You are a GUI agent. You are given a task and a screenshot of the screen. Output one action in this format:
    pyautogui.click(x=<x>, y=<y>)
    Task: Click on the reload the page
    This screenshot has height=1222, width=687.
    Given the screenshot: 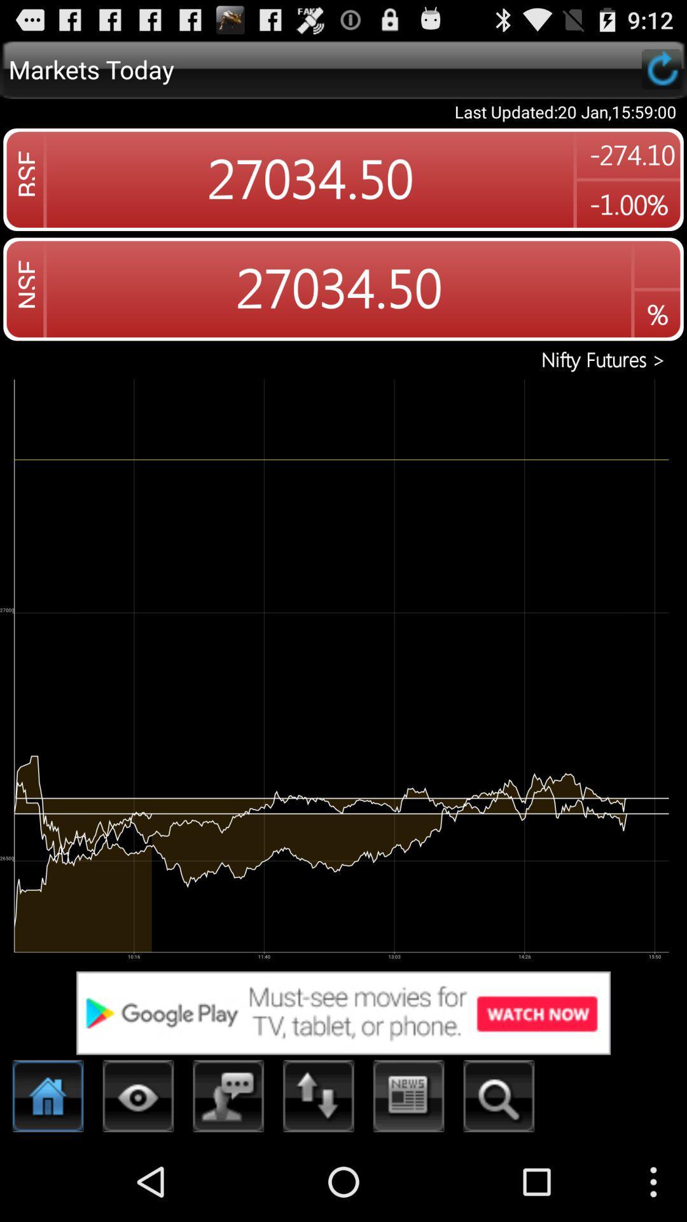 What is the action you would take?
    pyautogui.click(x=661, y=68)
    